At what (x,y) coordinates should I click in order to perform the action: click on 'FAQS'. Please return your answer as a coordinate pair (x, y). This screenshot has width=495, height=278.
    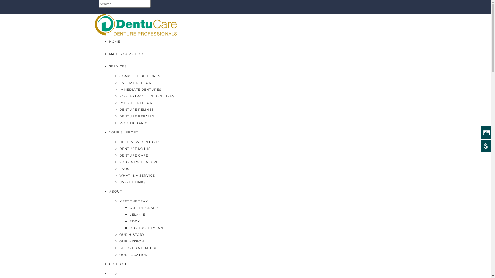
    Looking at the image, I should click on (124, 169).